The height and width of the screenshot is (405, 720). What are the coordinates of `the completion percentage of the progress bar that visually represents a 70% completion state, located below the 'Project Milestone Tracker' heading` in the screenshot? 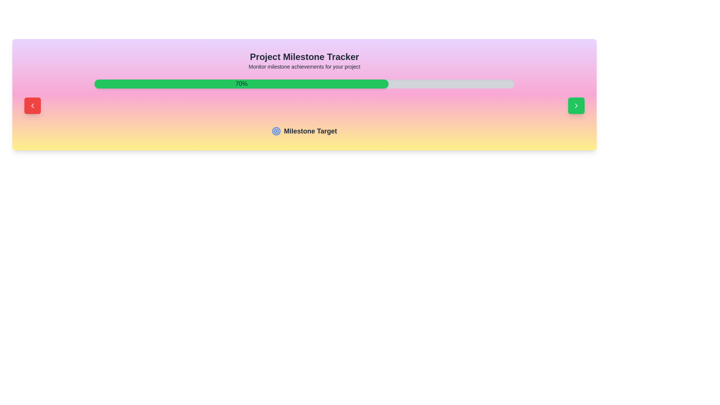 It's located at (304, 84).